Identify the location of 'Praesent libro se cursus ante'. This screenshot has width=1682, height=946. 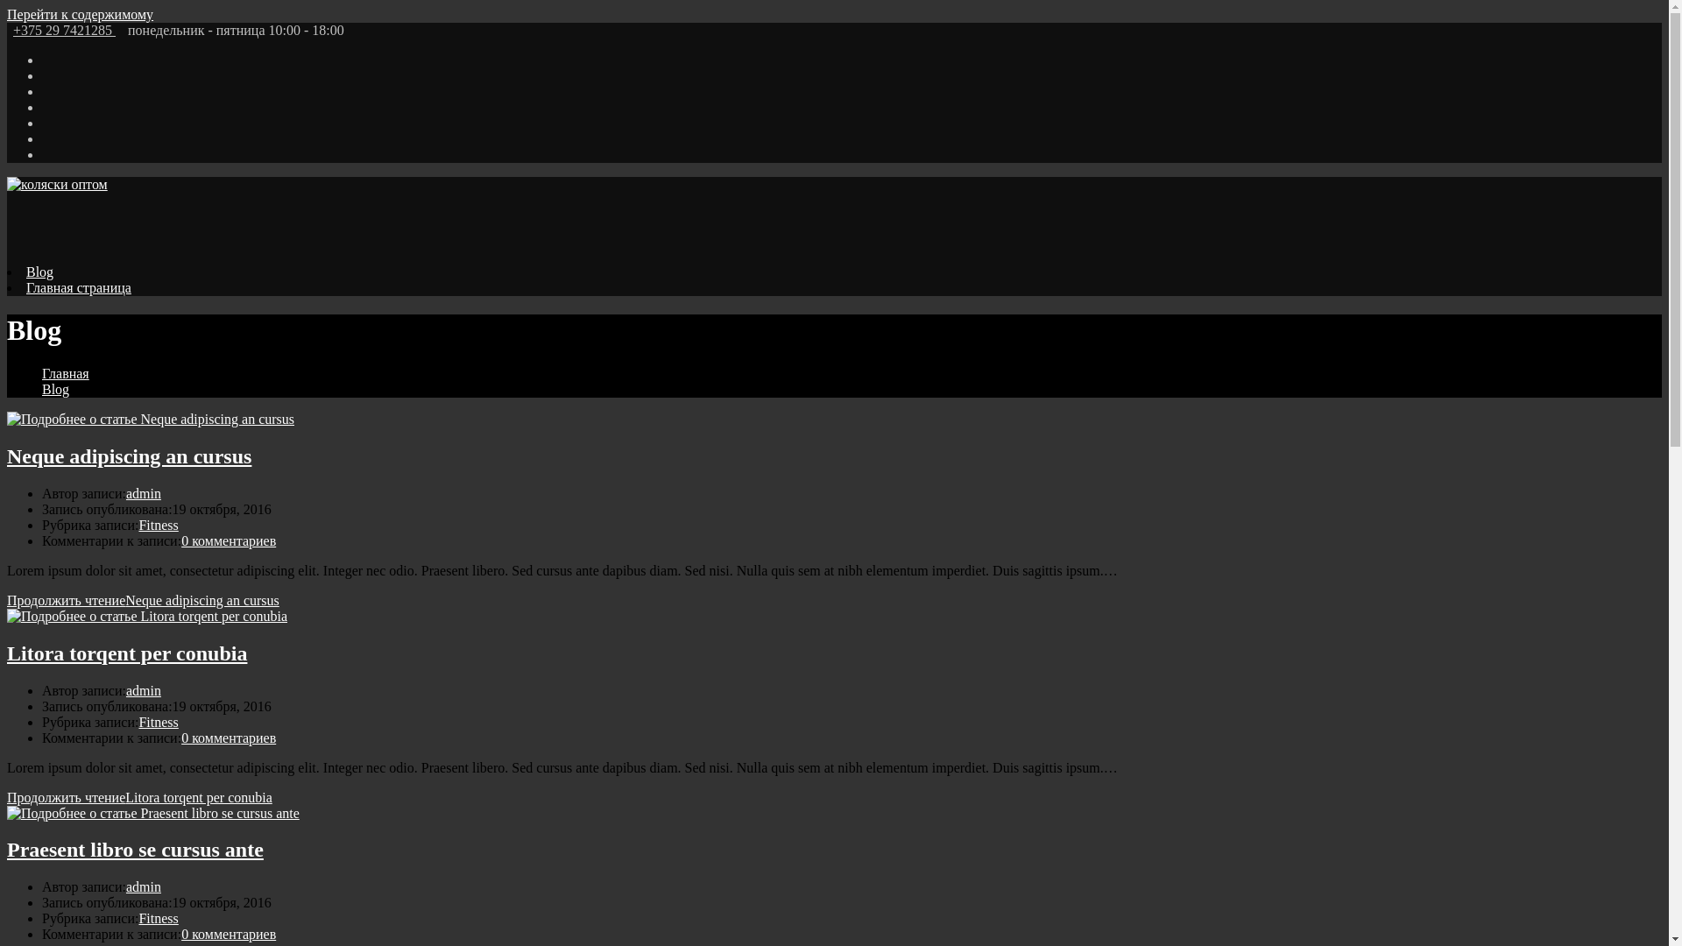
(134, 848).